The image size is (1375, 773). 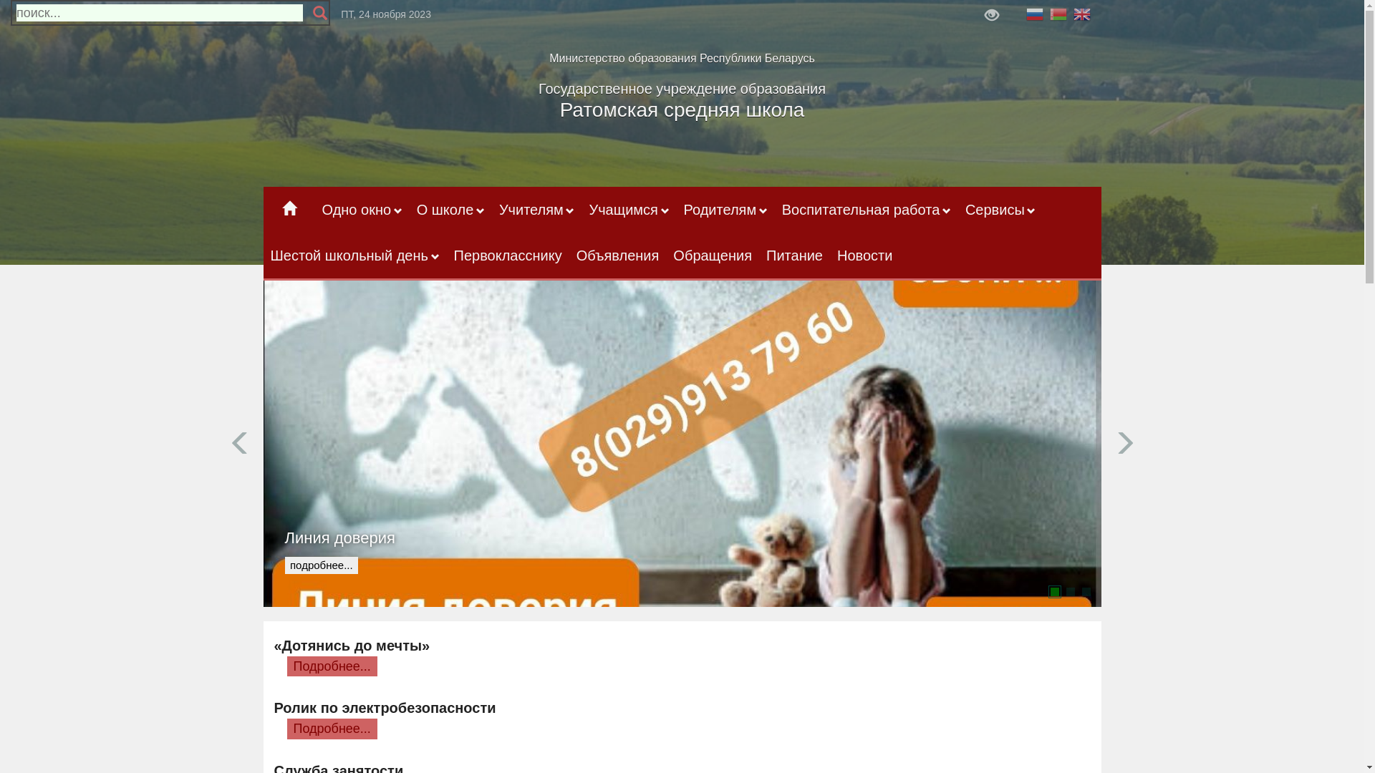 What do you see at coordinates (1054, 591) in the screenshot?
I see `'1'` at bounding box center [1054, 591].